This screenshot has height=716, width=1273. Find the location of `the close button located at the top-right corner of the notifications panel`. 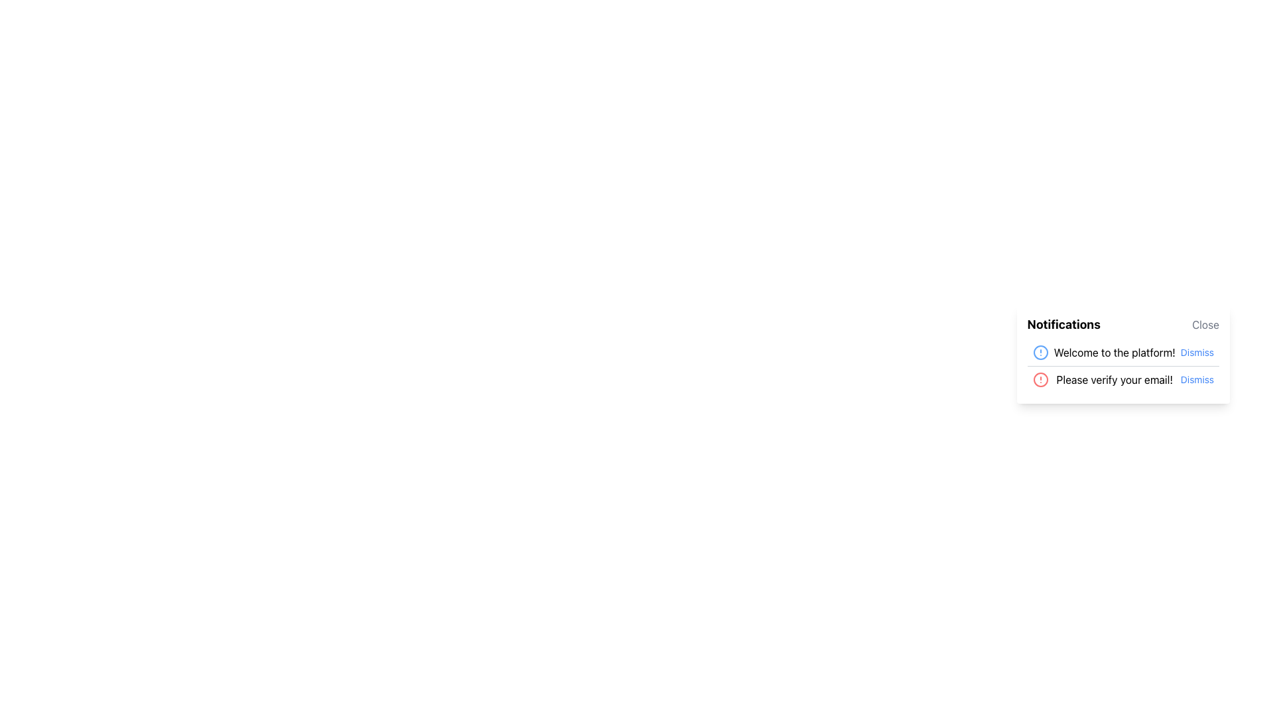

the close button located at the top-right corner of the notifications panel is located at coordinates (1205, 324).